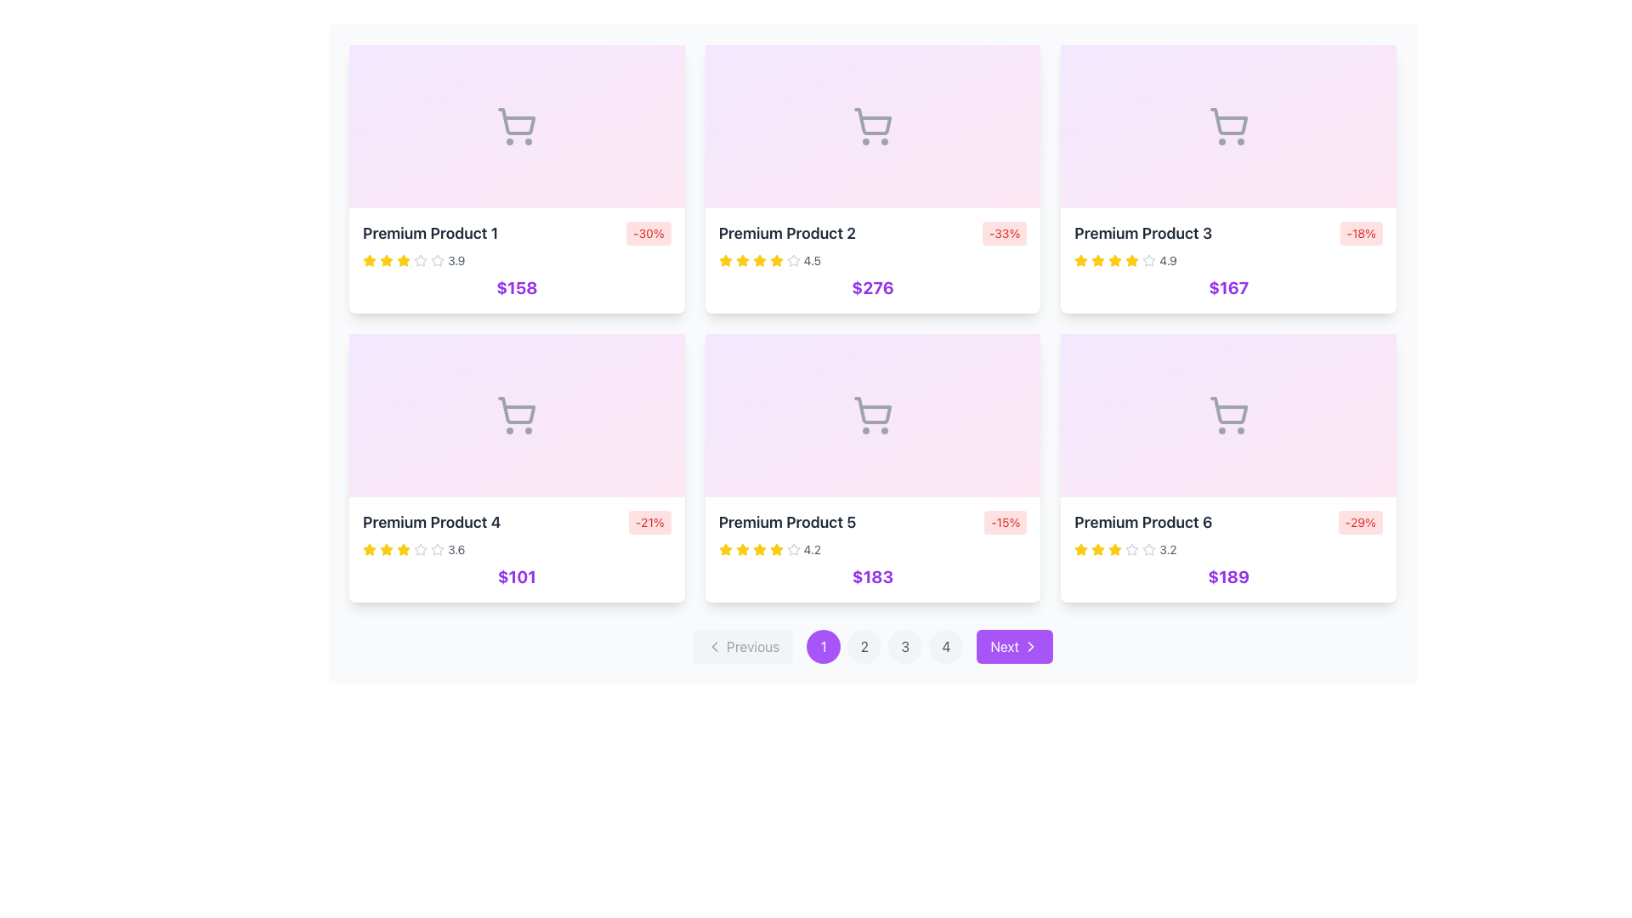 The width and height of the screenshot is (1632, 918). Describe the element at coordinates (403, 550) in the screenshot. I see `the fifth yellow star icon in the rating system below the product title 'Premium Product 4'` at that location.